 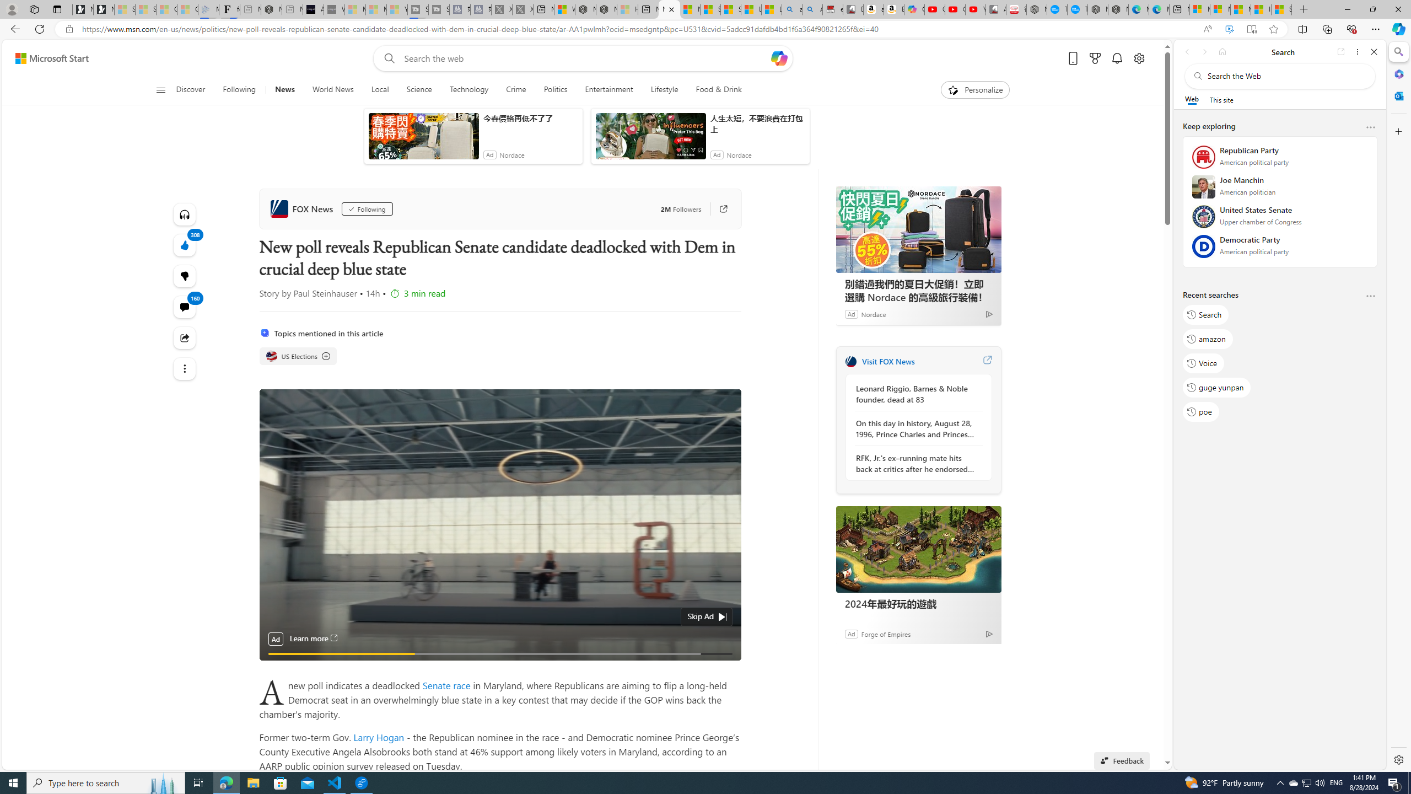 What do you see at coordinates (515, 89) in the screenshot?
I see `'Crime'` at bounding box center [515, 89].